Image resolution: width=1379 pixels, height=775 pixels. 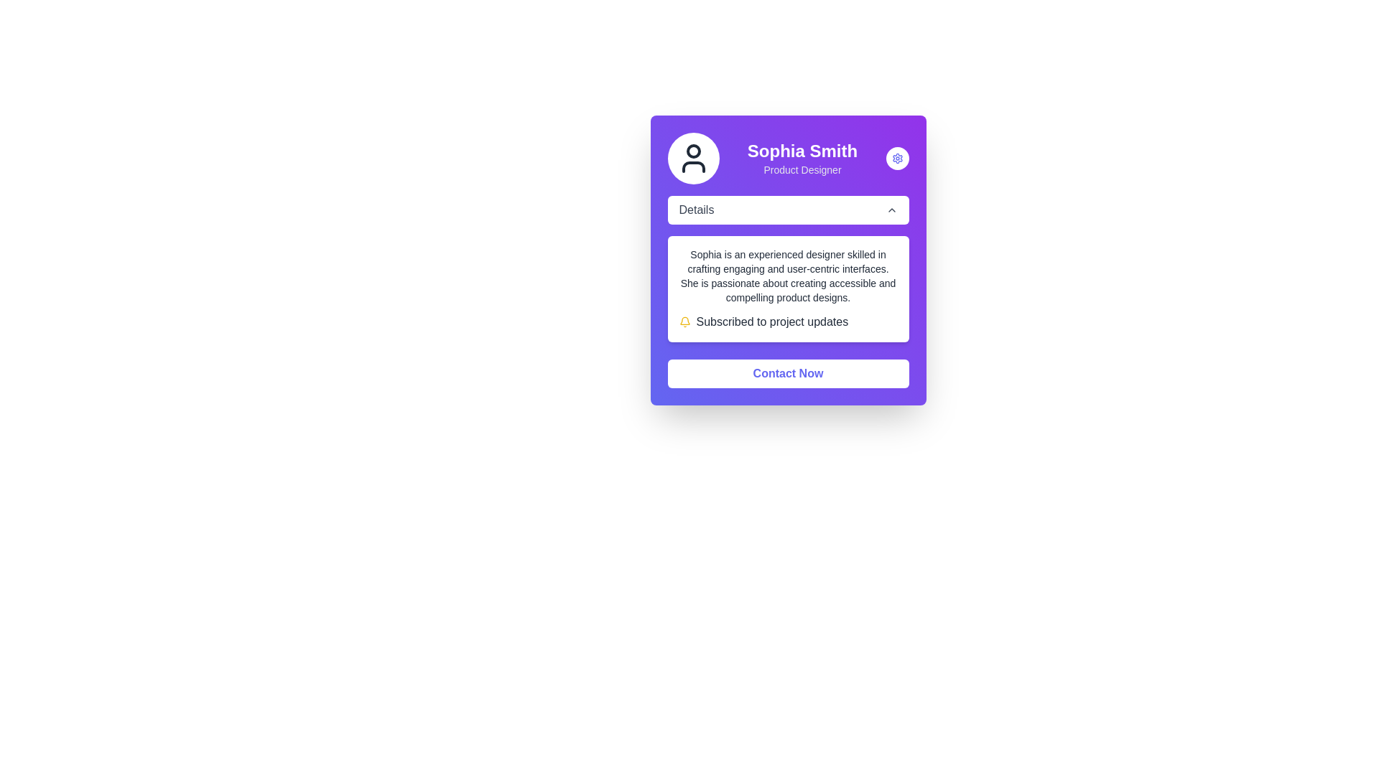 I want to click on the chevron-up icon located on the right side of the 'Details' button, so click(x=891, y=210).